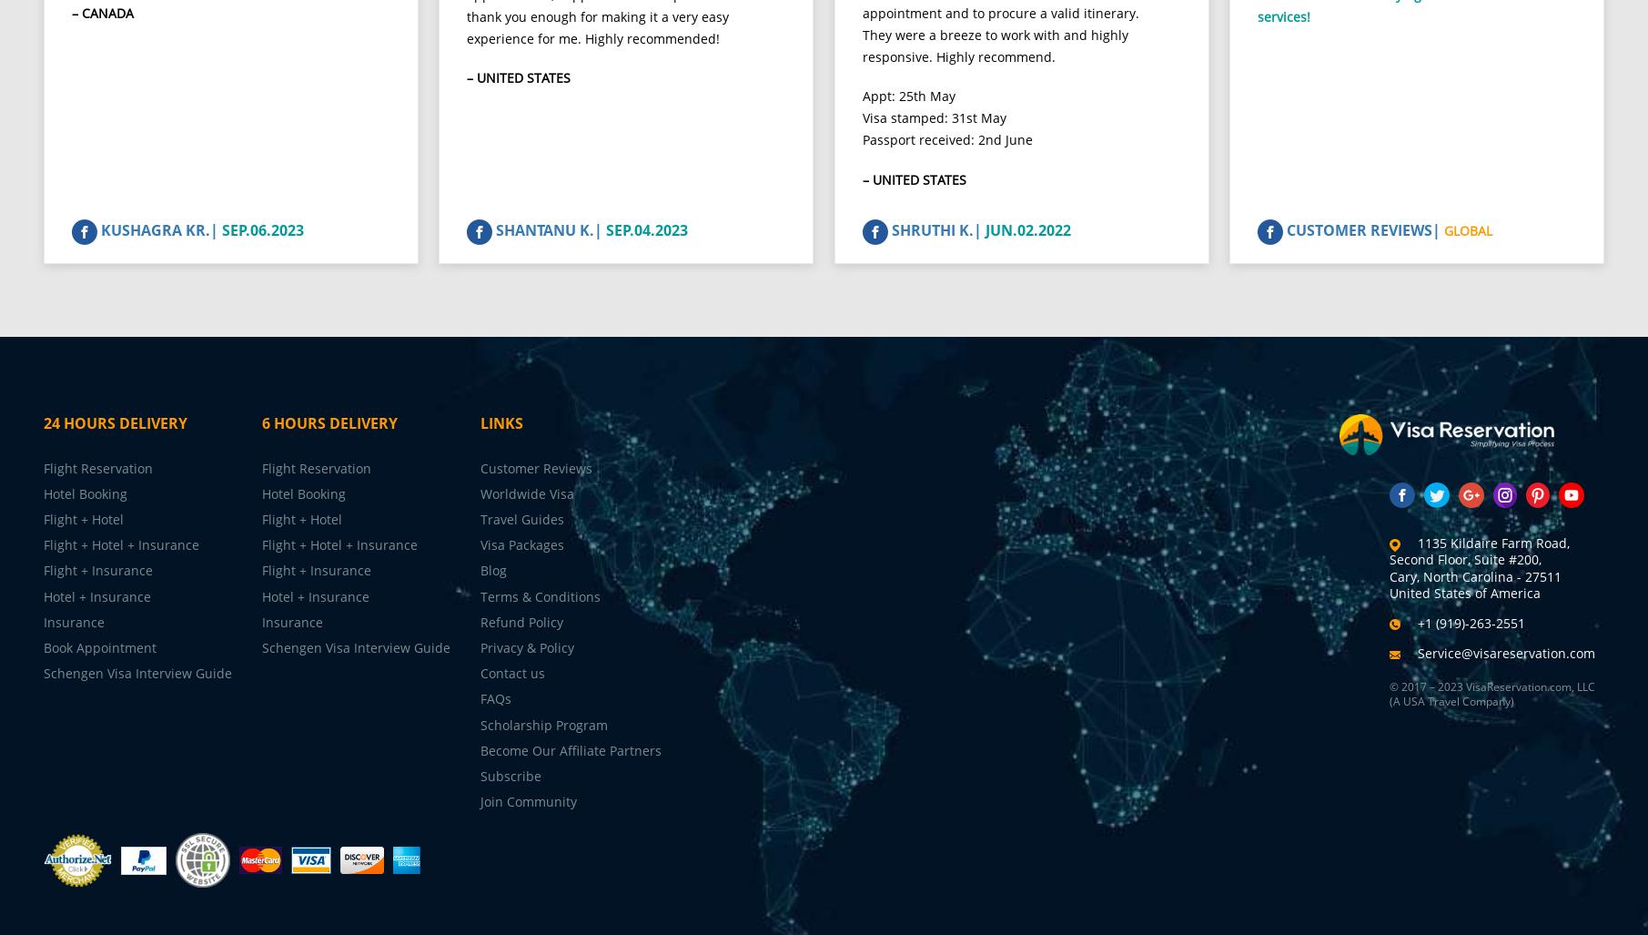 This screenshot has height=935, width=1648. I want to click on 'Second Floor, Suite #200,', so click(1463, 574).